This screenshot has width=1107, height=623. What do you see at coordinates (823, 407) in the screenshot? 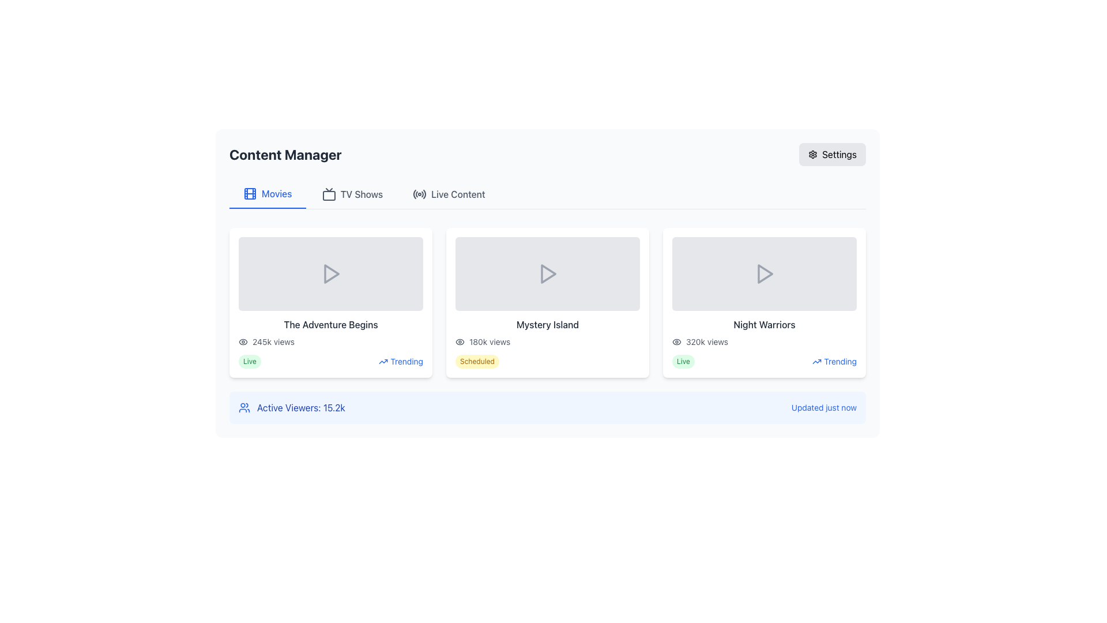
I see `text label that says 'Updated just now' located in the blue-highlighted notification area at the bottom-right corner of the content area` at bounding box center [823, 407].